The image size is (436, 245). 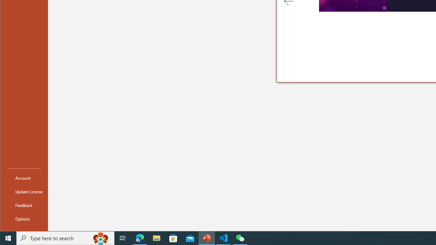 What do you see at coordinates (24, 218) in the screenshot?
I see `'Options'` at bounding box center [24, 218].